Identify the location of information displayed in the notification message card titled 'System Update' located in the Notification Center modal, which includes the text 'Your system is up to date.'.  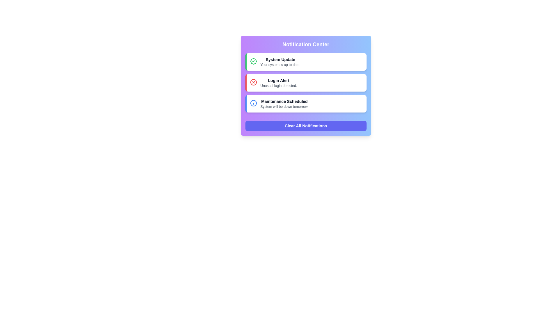
(280, 62).